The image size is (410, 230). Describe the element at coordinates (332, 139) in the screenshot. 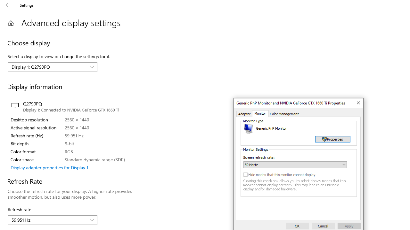

I see `'Properties'` at that location.